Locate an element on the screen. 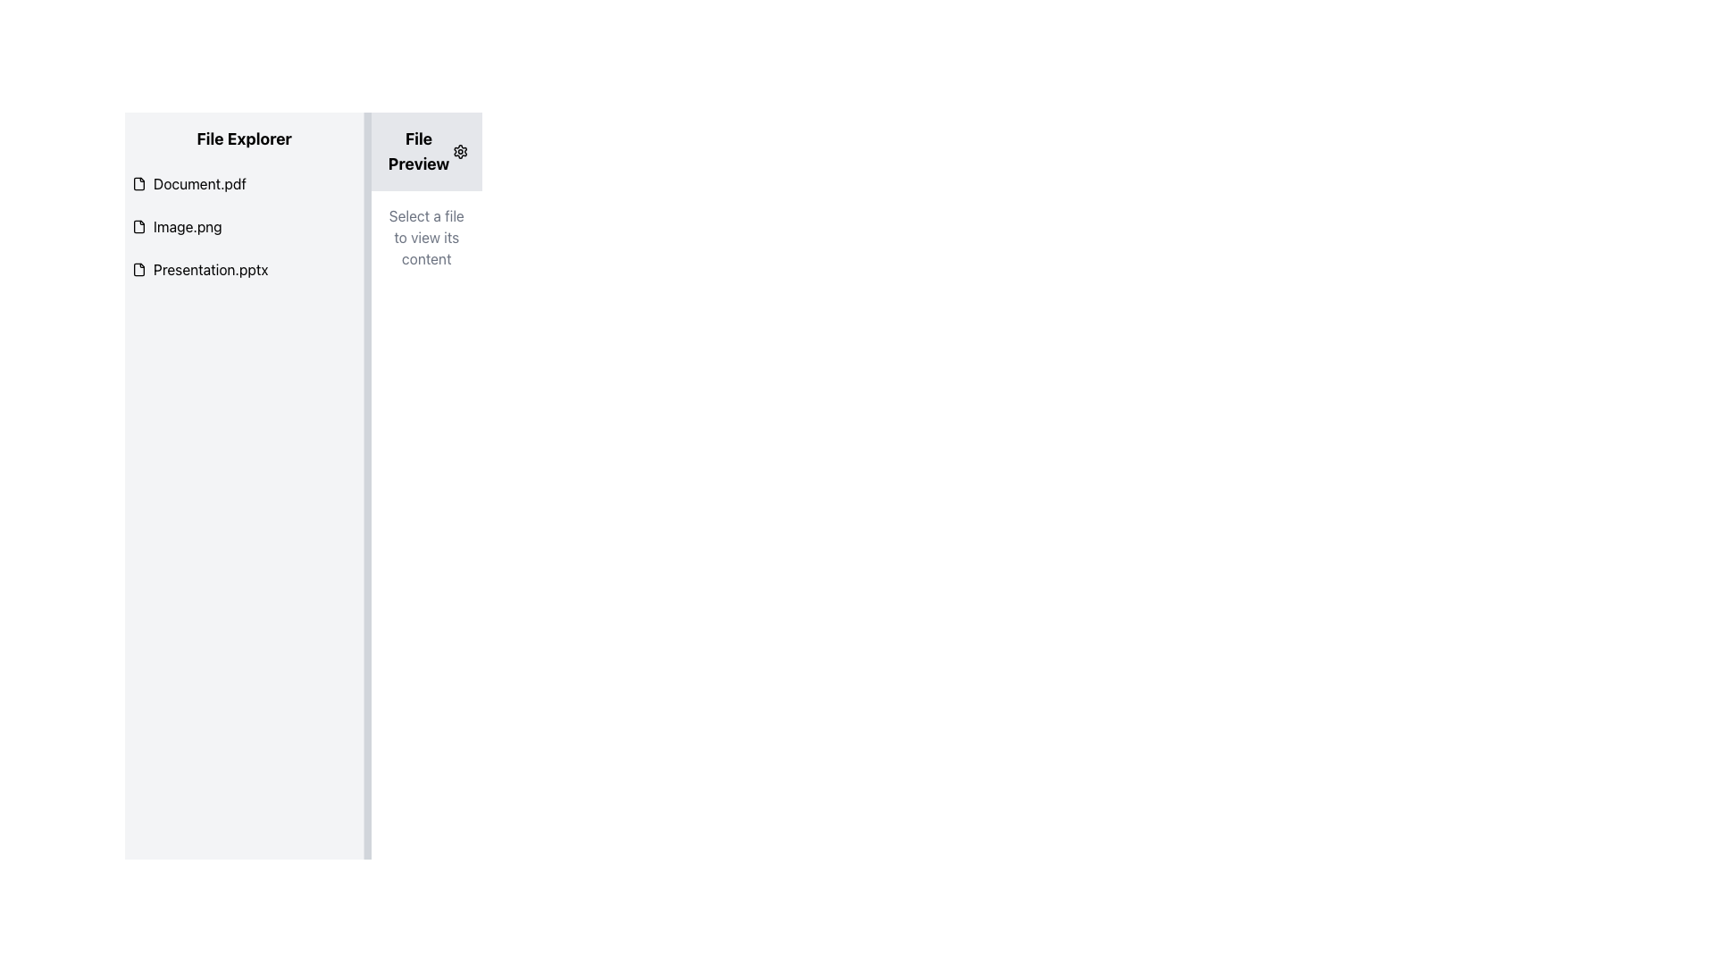  the file item labeled 'Presentation.pptx' from the File Explorer section is located at coordinates (243, 269).